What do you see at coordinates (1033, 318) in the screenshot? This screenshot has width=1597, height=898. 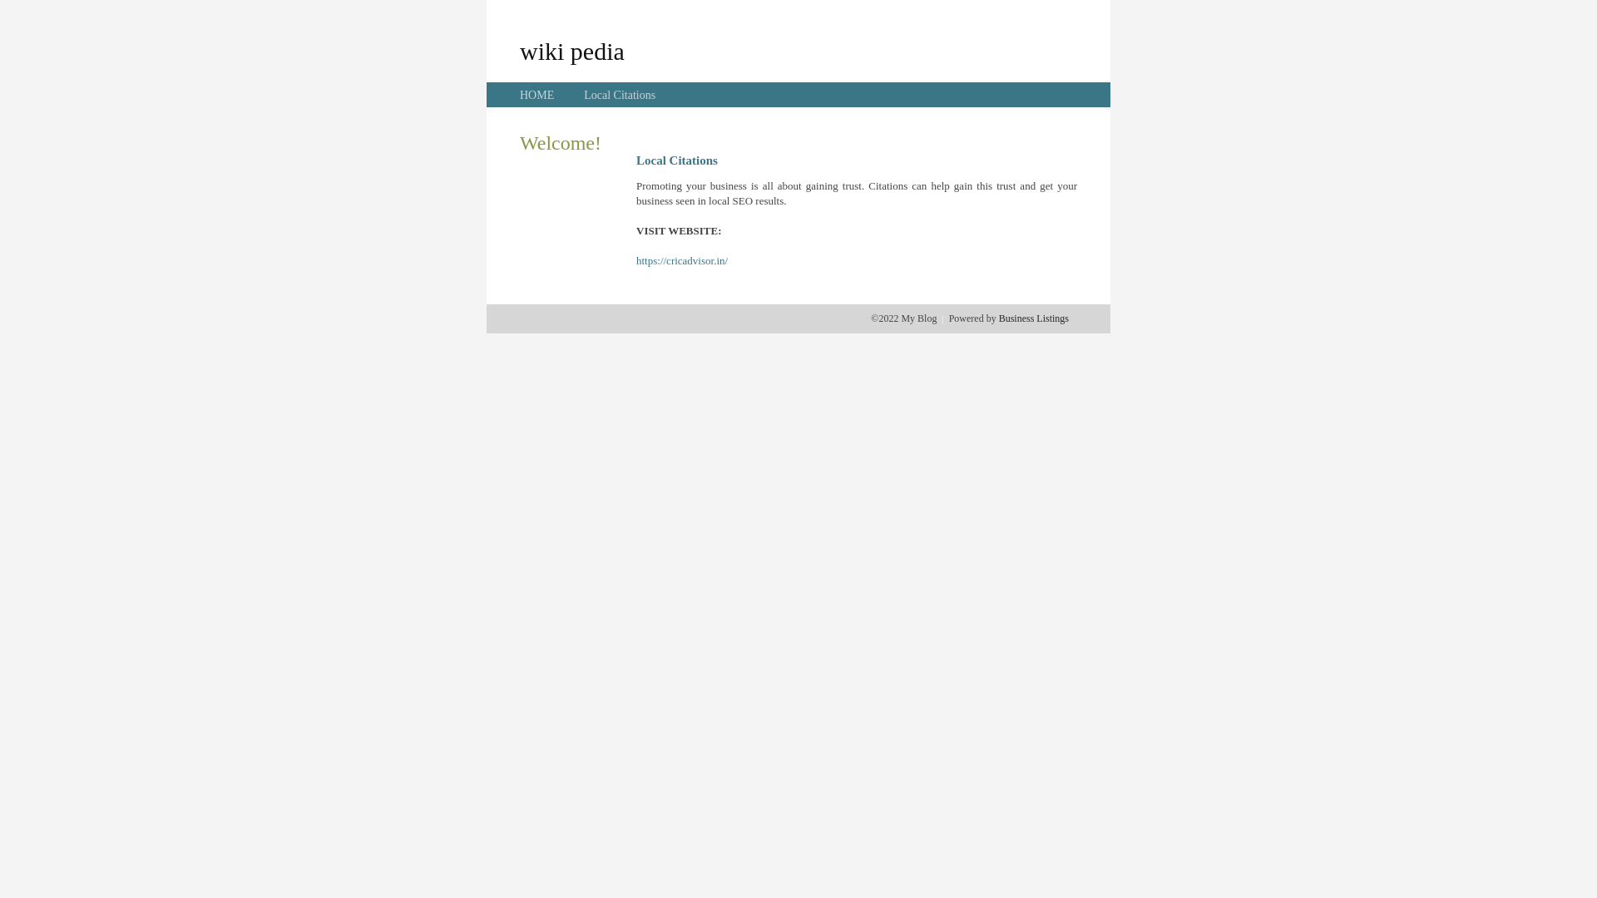 I see `'Business Listings'` at bounding box center [1033, 318].